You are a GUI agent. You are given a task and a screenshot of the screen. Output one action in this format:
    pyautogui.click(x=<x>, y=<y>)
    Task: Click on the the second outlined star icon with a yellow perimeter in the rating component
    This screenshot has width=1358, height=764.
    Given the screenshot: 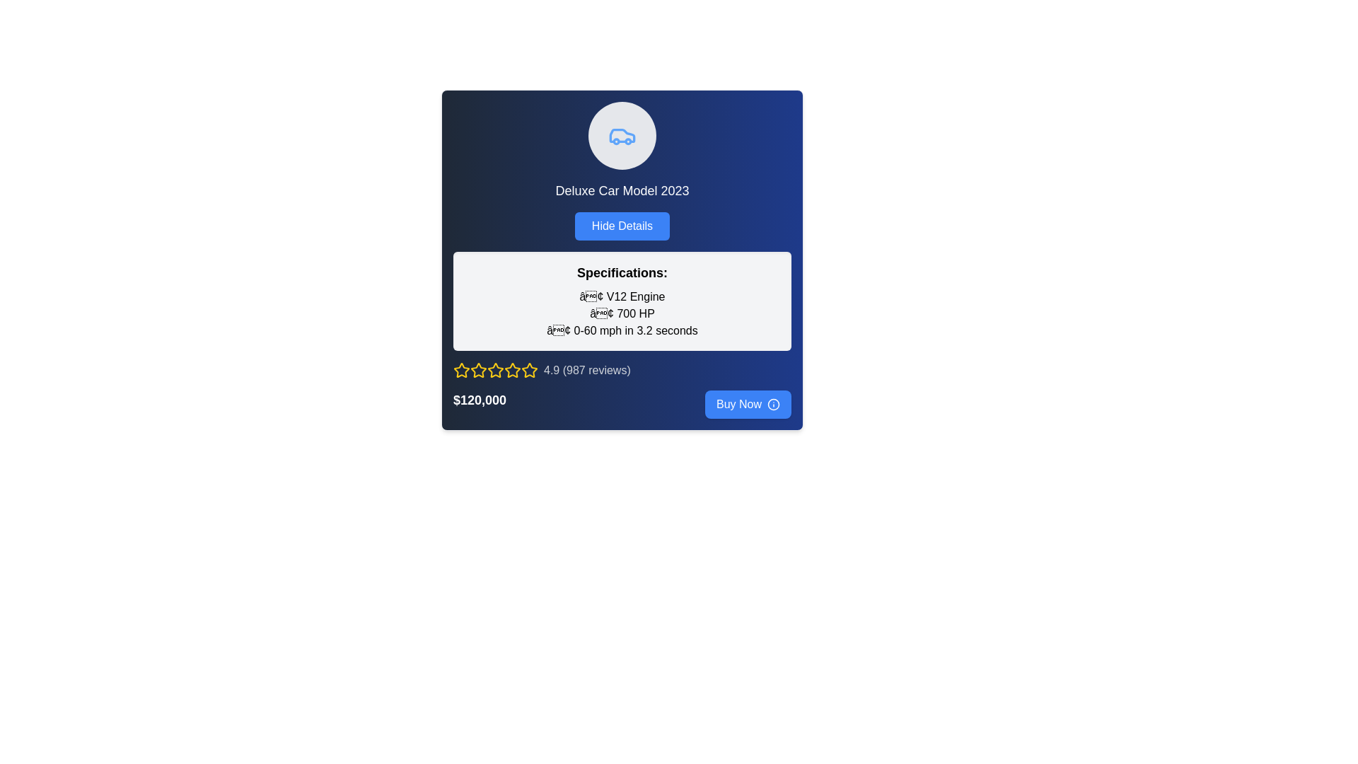 What is the action you would take?
    pyautogui.click(x=495, y=369)
    